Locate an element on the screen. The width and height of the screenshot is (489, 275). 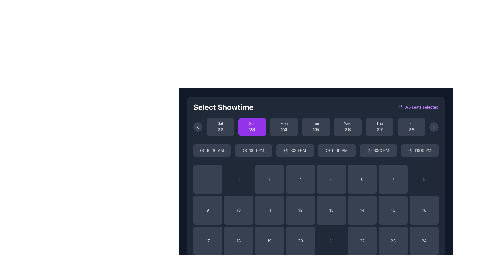
the time selection button located in the bottom-right corner of the 'Select Showtime' section is located at coordinates (420, 150).